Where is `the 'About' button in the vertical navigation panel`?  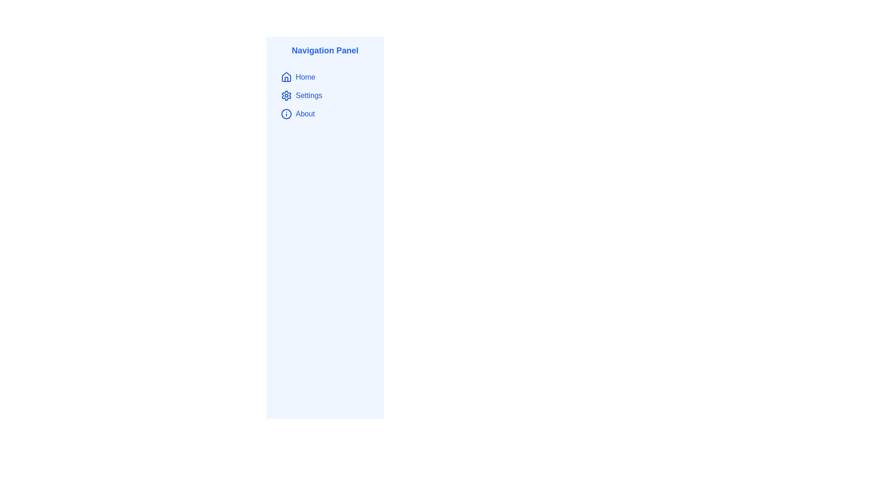 the 'About' button in the vertical navigation panel is located at coordinates (325, 113).